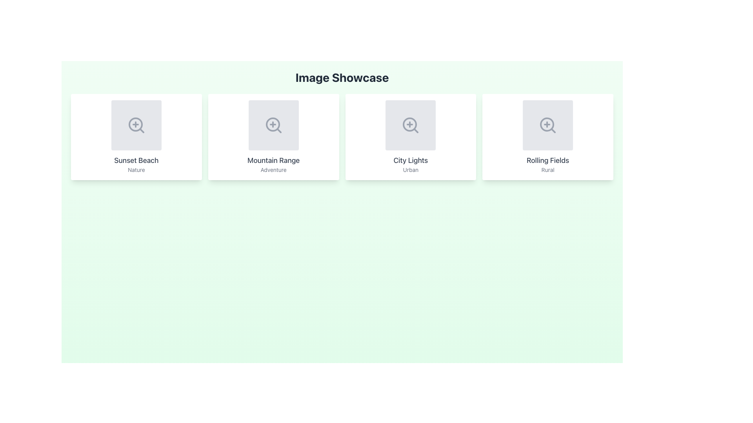 Image resolution: width=753 pixels, height=423 pixels. Describe the element at coordinates (410, 170) in the screenshot. I see `the text label displaying 'Urban', which is located below the title 'City Lights' in the third card of the 'Image Showcase' section` at that location.